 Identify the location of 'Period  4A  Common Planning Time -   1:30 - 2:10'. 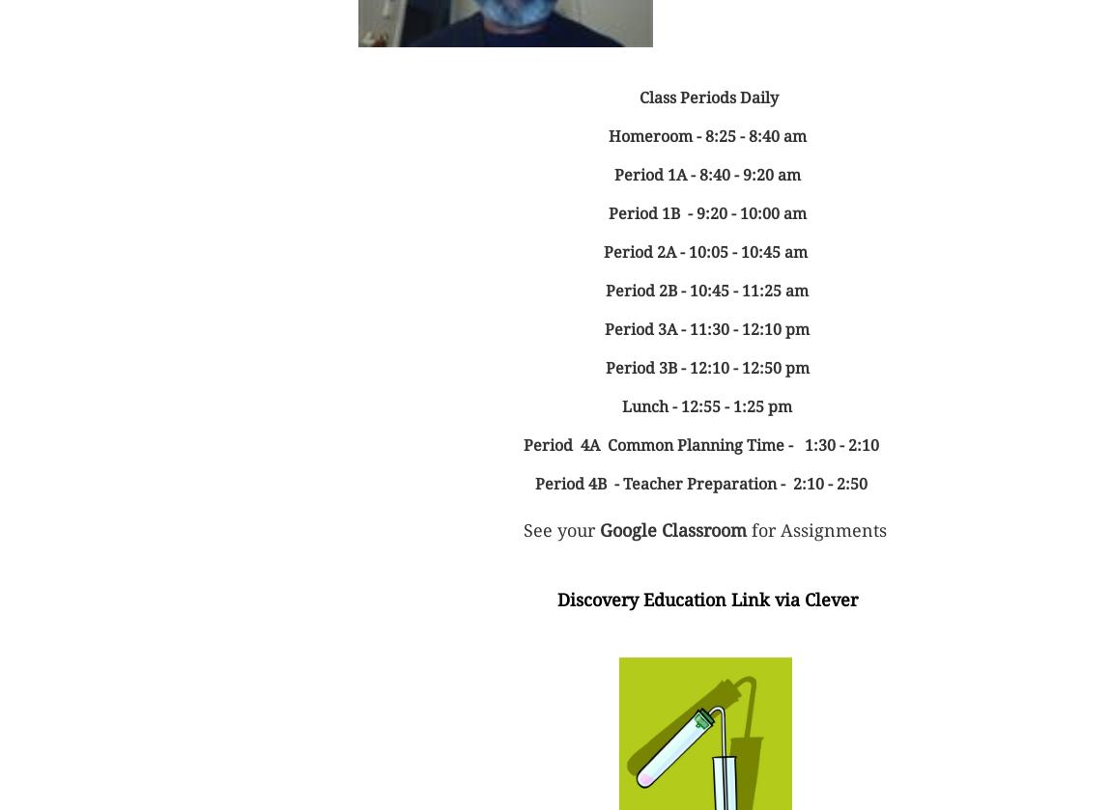
(707, 444).